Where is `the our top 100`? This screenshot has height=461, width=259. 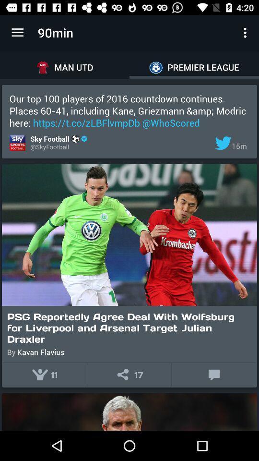
the our top 100 is located at coordinates (129, 110).